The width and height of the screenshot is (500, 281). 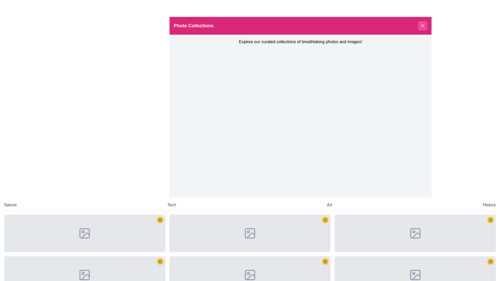 What do you see at coordinates (490, 261) in the screenshot?
I see `the favorite icon located in the top-right corner of the card within the 'History' section` at bounding box center [490, 261].